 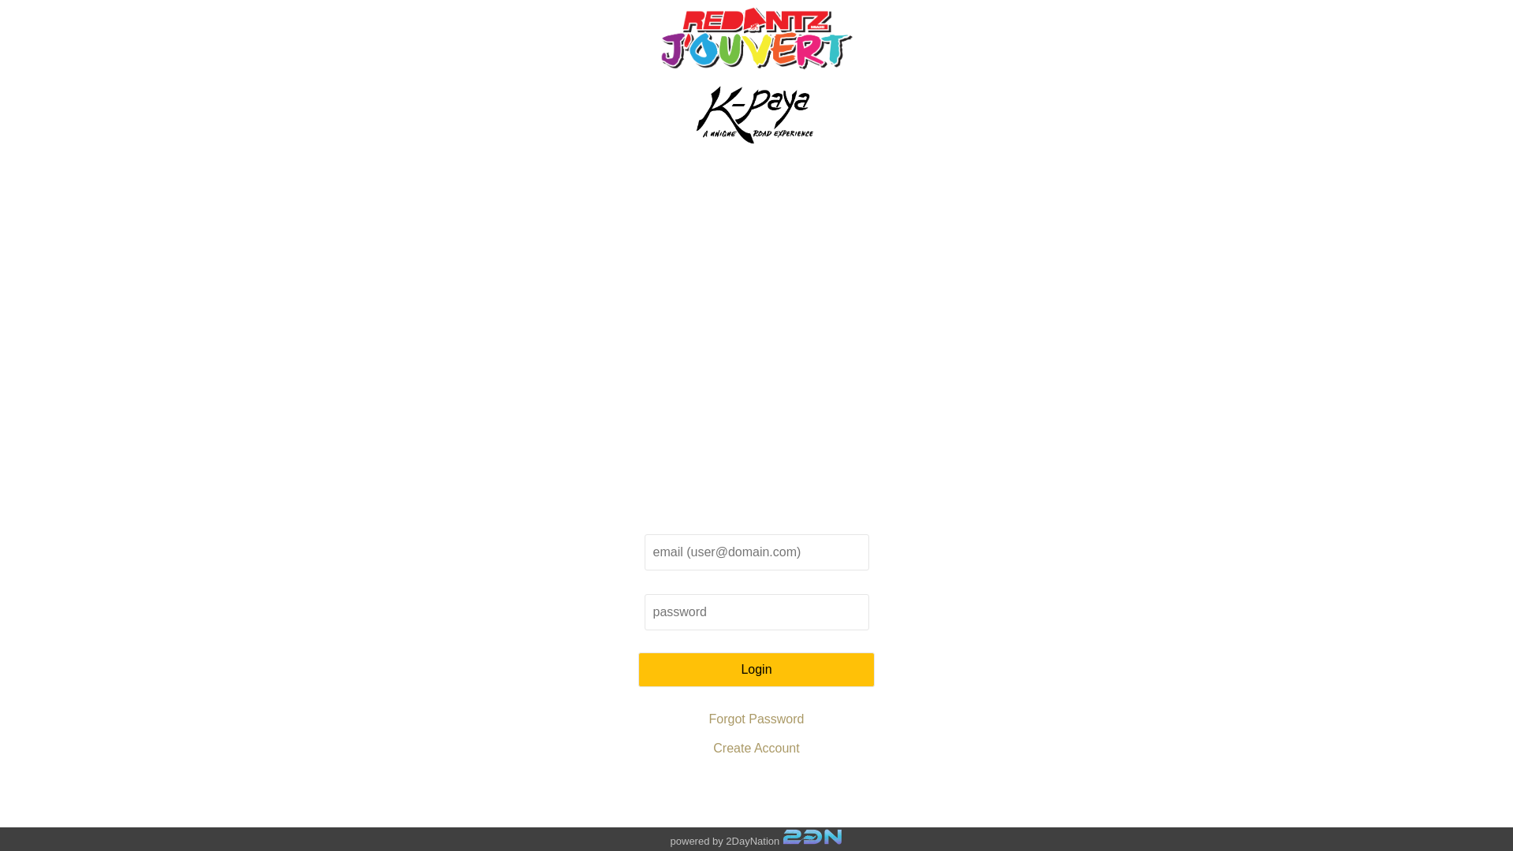 I want to click on 'Create Account', so click(x=755, y=747).